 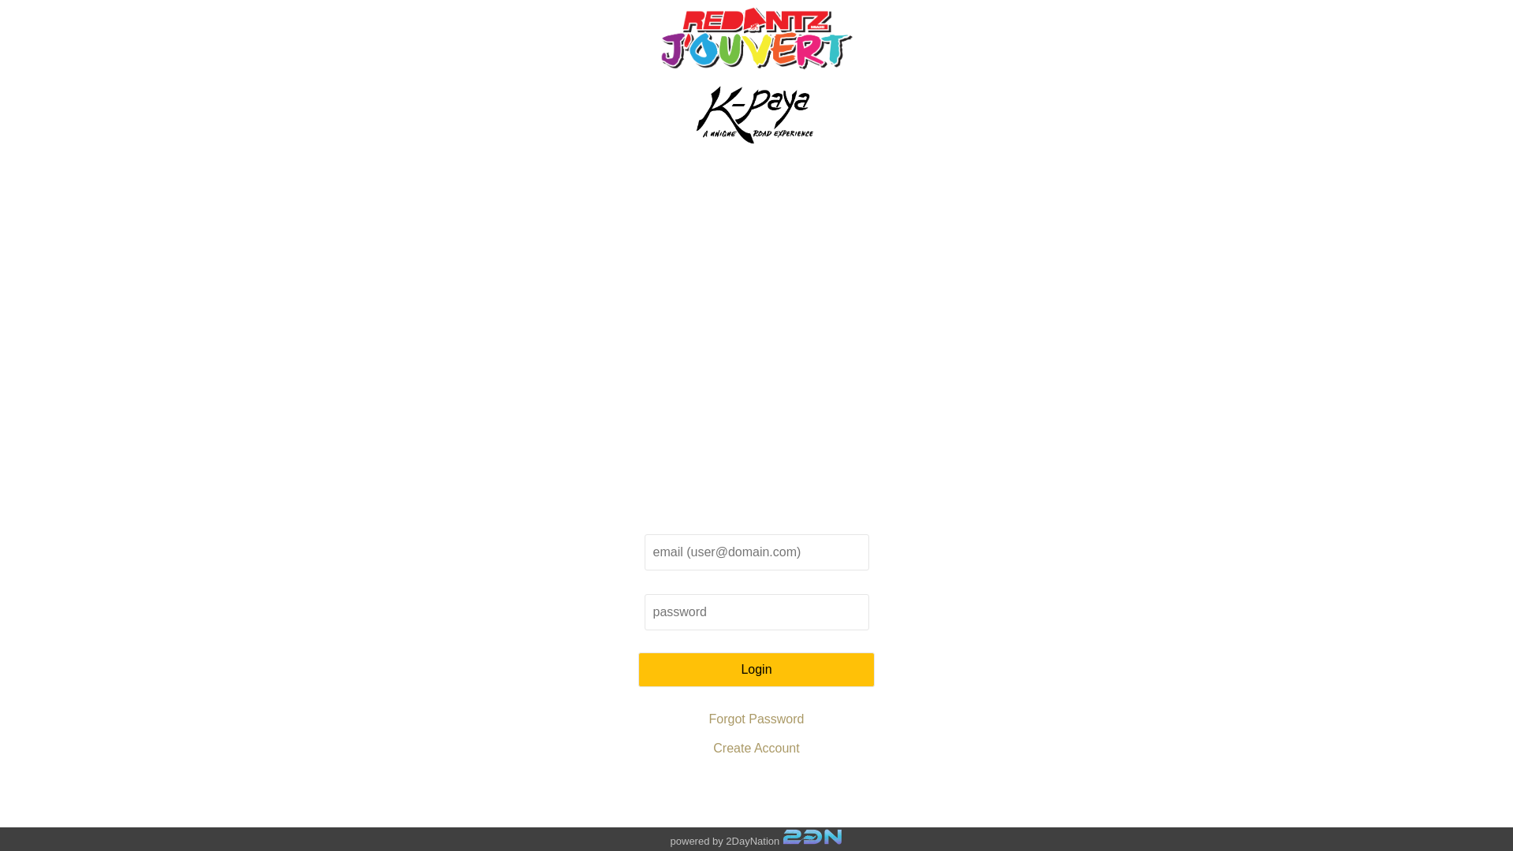 I want to click on 'Create Account', so click(x=755, y=747).